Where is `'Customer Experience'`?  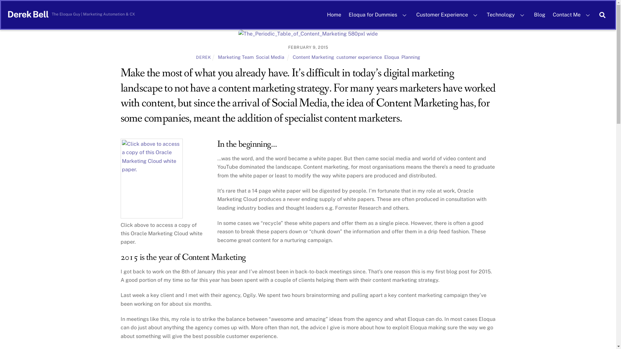
'Customer Experience' is located at coordinates (447, 15).